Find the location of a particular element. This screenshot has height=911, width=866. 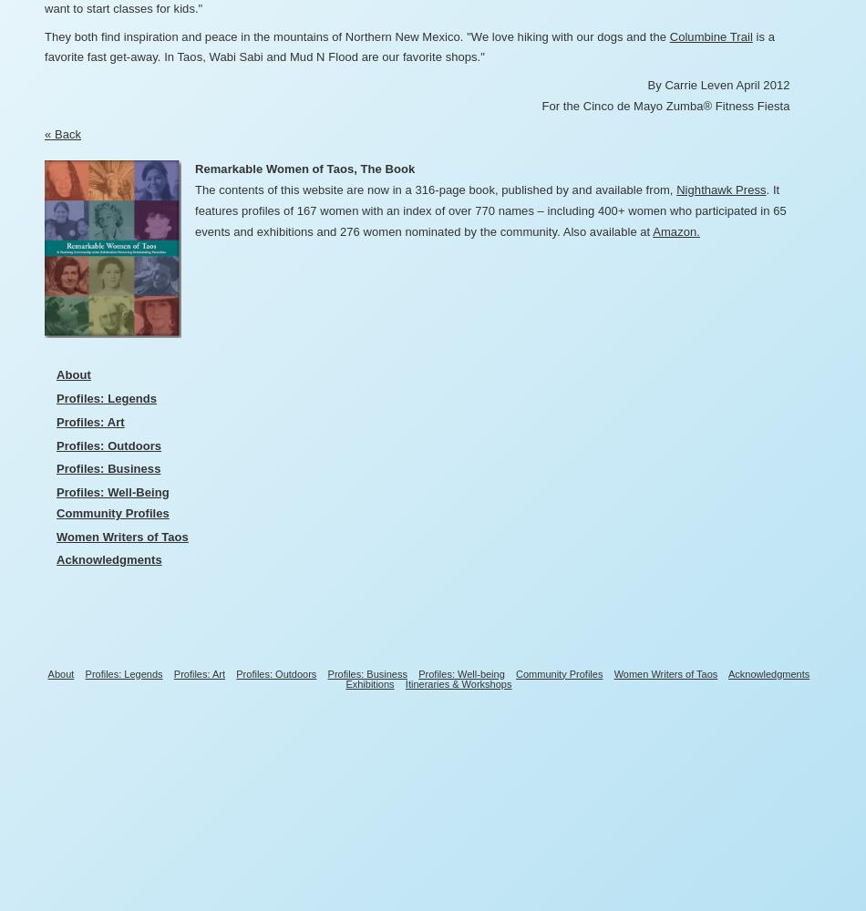

'is a favorite fast get-away. In Taos, Wabi Sabi and Mud N Flood are our favorite shops."' is located at coordinates (407, 46).